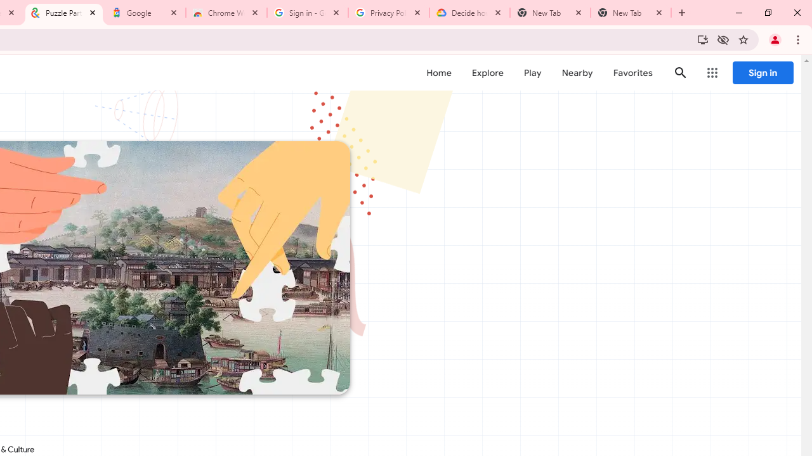 The height and width of the screenshot is (456, 812). I want to click on 'Chrome Web Store - Color themes by Chrome', so click(226, 13).